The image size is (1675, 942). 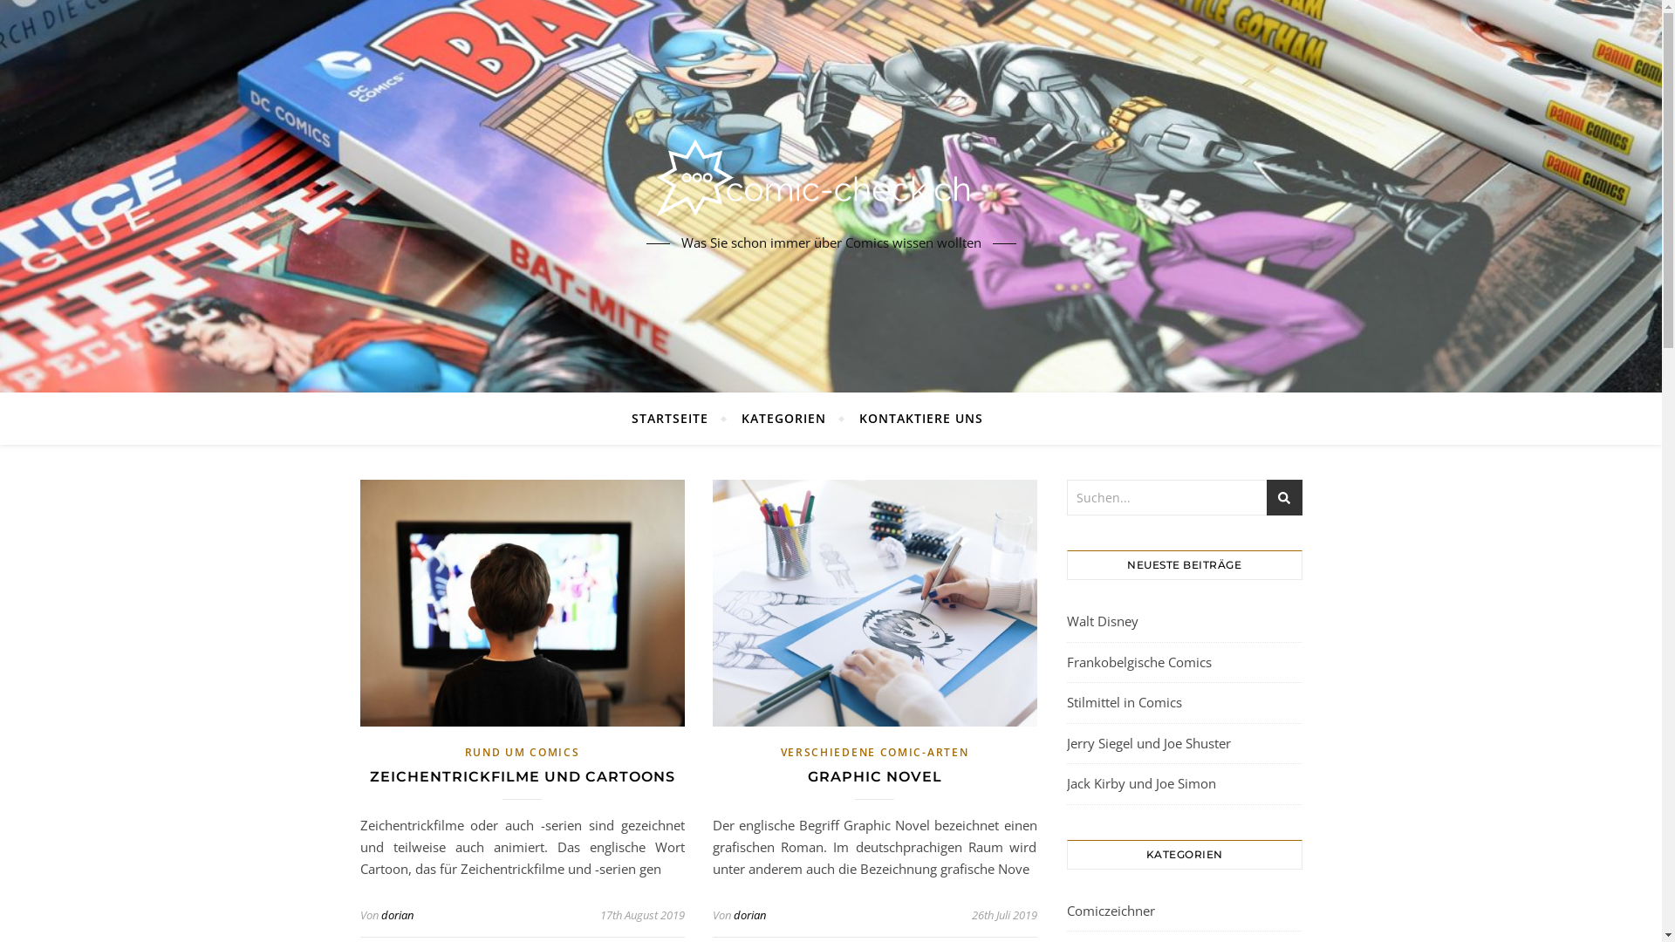 What do you see at coordinates (676, 418) in the screenshot?
I see `'STARTSEITE'` at bounding box center [676, 418].